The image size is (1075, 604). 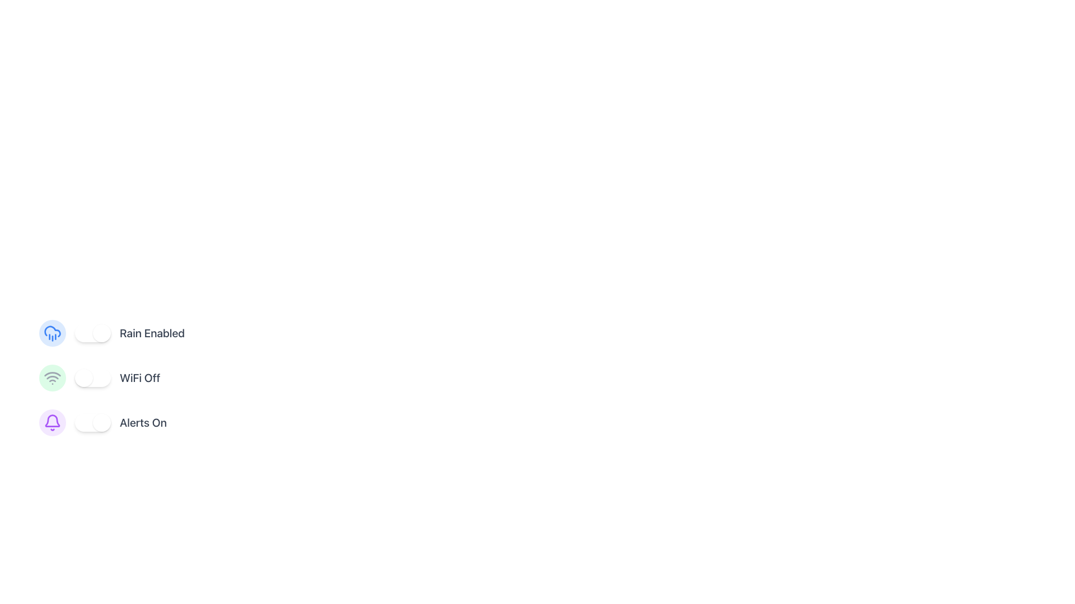 What do you see at coordinates (52, 377) in the screenshot?
I see `the second arc of the WiFi icon, which represents the second strongest signal level, located to the left of the 'WiFi Off' label` at bounding box center [52, 377].